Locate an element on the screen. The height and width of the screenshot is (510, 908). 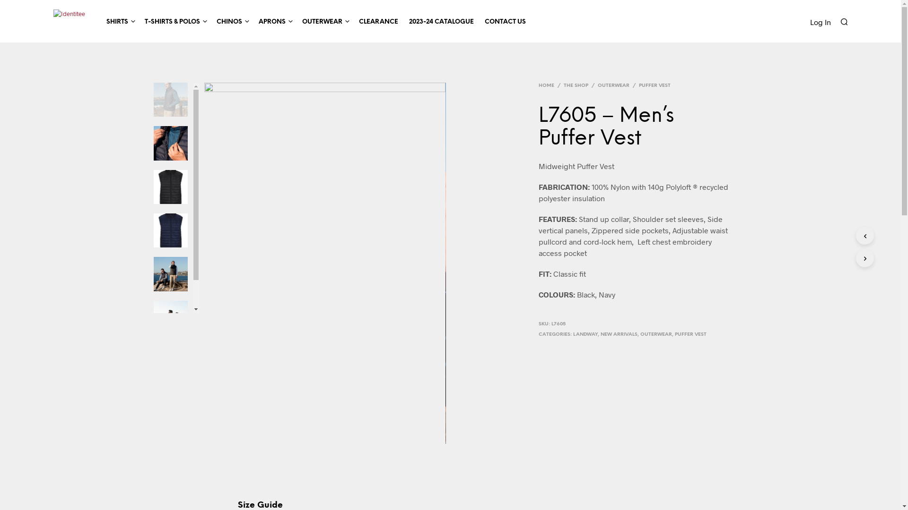
'NEW ARRIVALS' is located at coordinates (600, 334).